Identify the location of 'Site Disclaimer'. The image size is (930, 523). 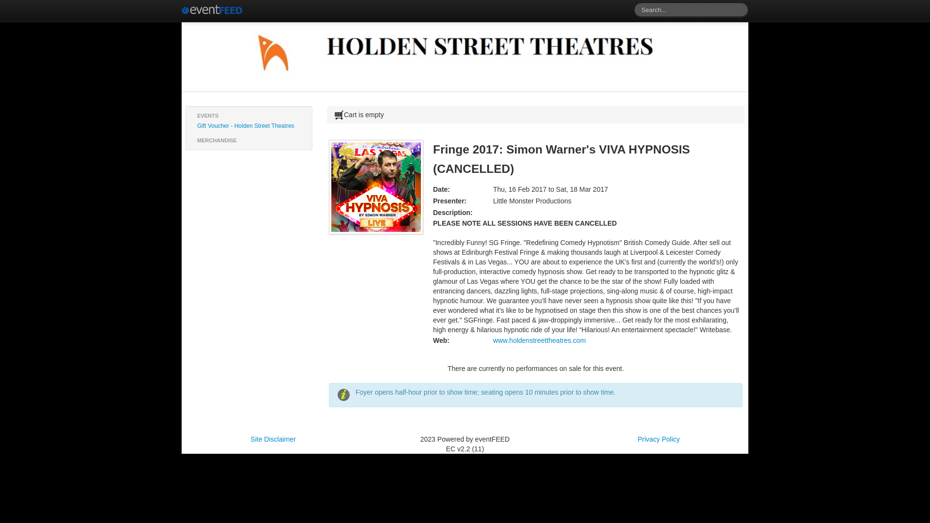
(272, 439).